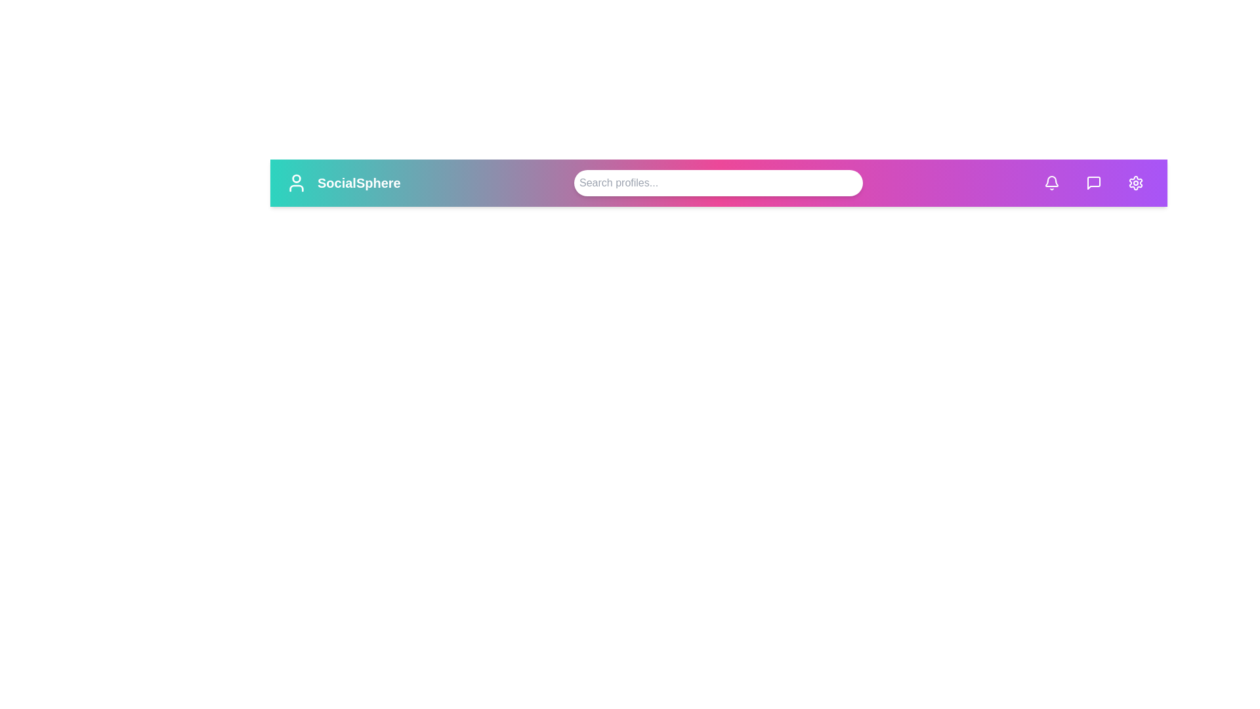 This screenshot has height=709, width=1260. Describe the element at coordinates (359, 183) in the screenshot. I see `the 'SocialSphere' title area to observe its content` at that location.